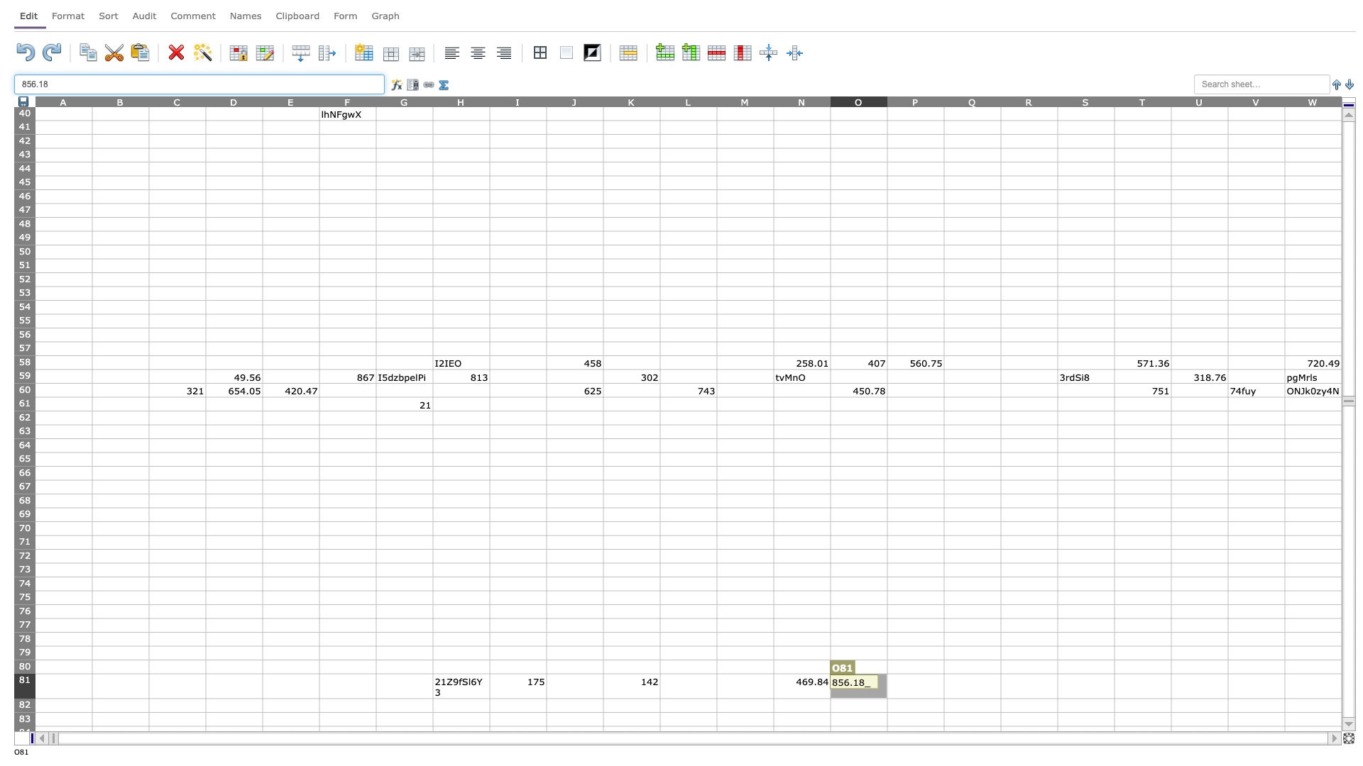 The height and width of the screenshot is (766, 1363). I want to click on right border at column S row 81, so click(1113, 685).